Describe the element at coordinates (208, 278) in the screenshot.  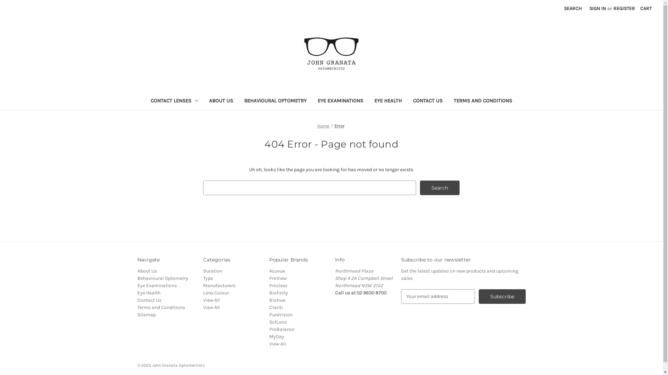
I see `'Type'` at that location.